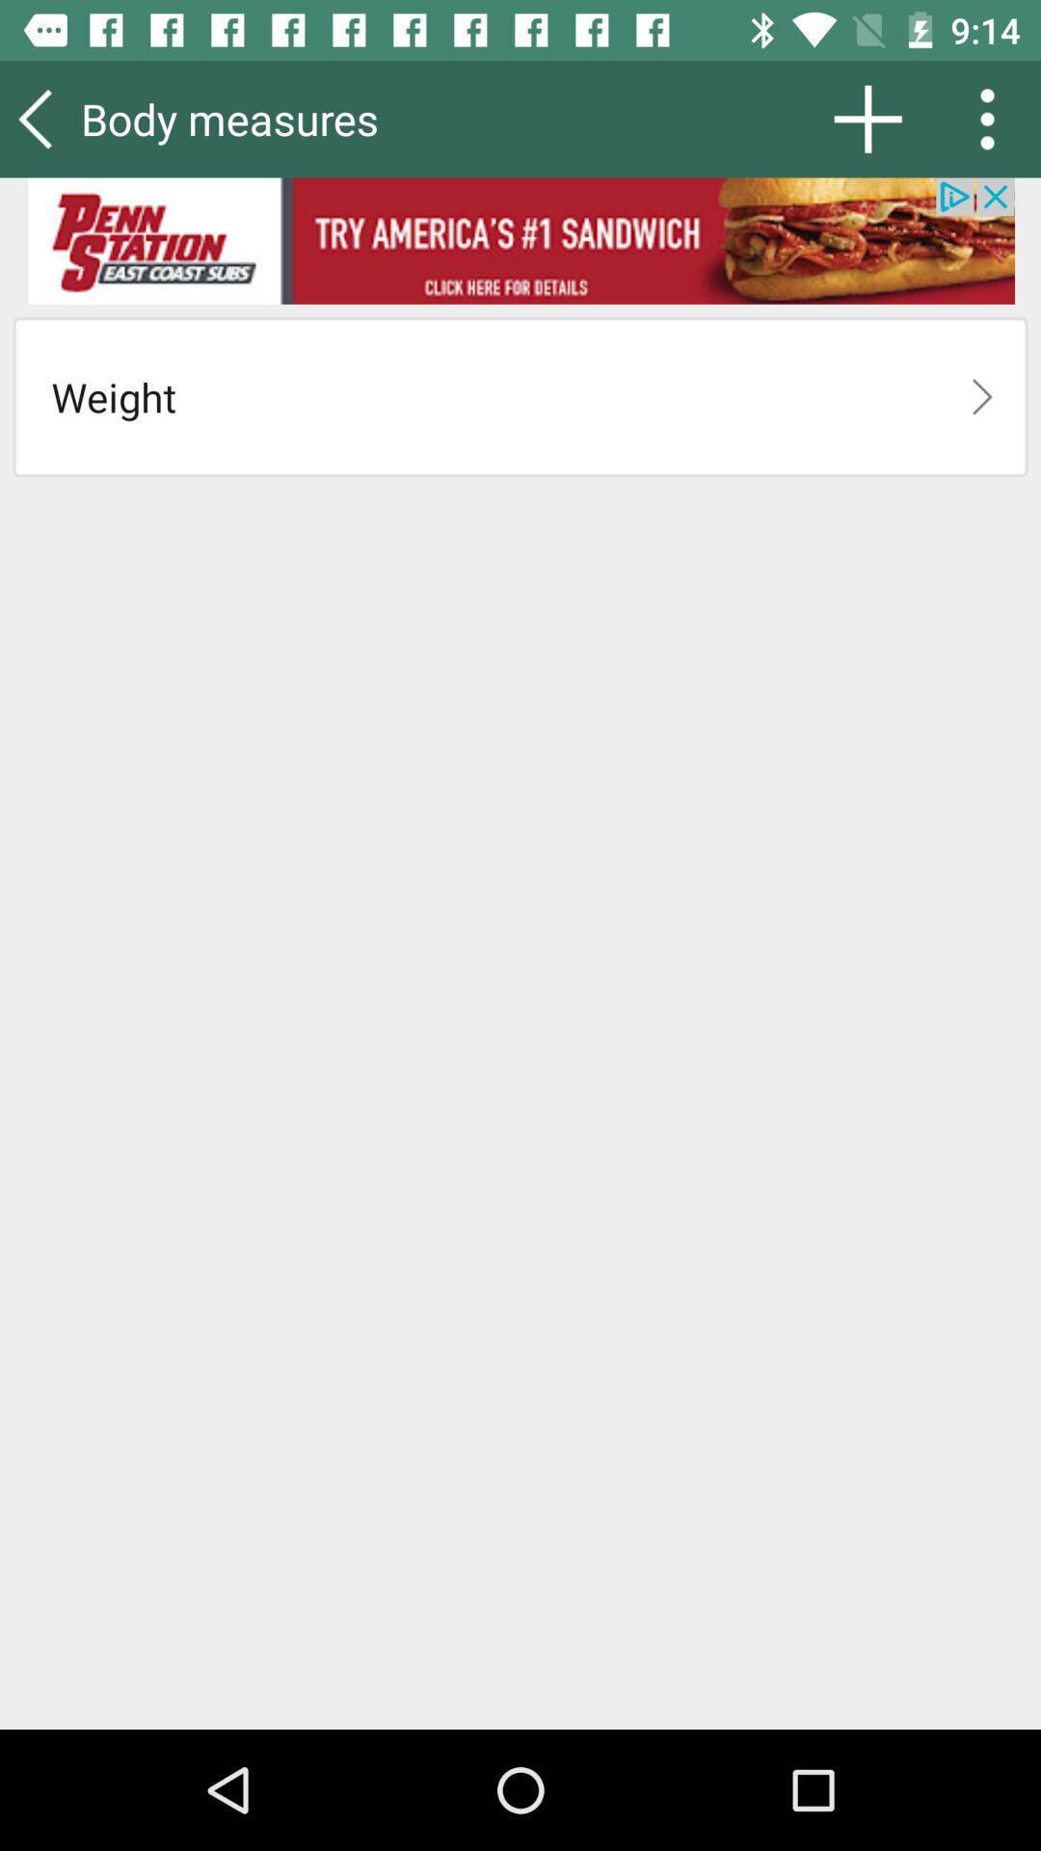 The width and height of the screenshot is (1041, 1851). I want to click on the add icon, so click(867, 118).